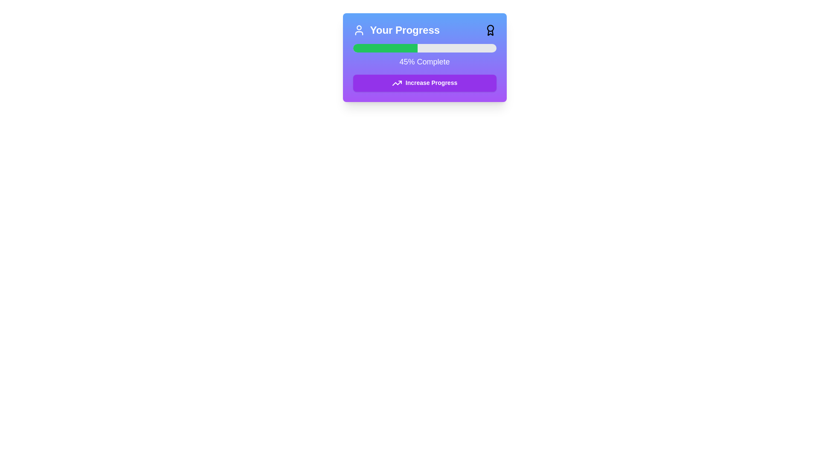 This screenshot has height=461, width=819. Describe the element at coordinates (404, 29) in the screenshot. I see `the Text Label that serves as a heading or title for the section, located in the top-left corner of the panel, aligned with the user icon graphic` at that location.